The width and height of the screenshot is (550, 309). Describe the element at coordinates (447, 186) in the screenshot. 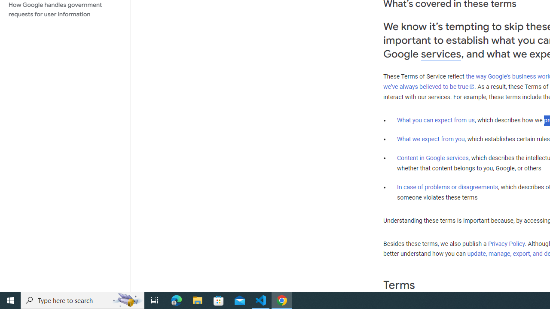

I see `'In case of problems or disagreements'` at that location.